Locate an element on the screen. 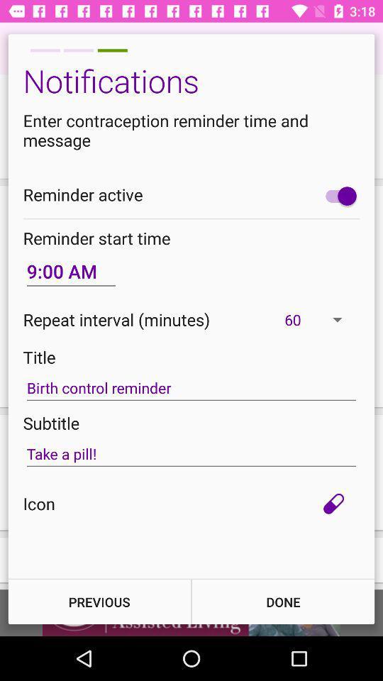 The height and width of the screenshot is (681, 383). the icon above the repeat interval (minutes) icon is located at coordinates (70, 270).